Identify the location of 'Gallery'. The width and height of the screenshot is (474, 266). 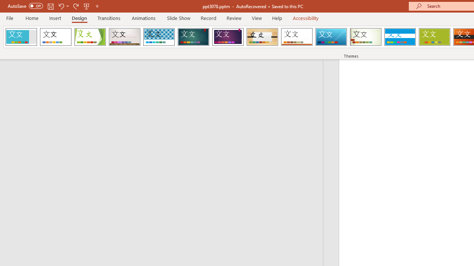
(124, 37).